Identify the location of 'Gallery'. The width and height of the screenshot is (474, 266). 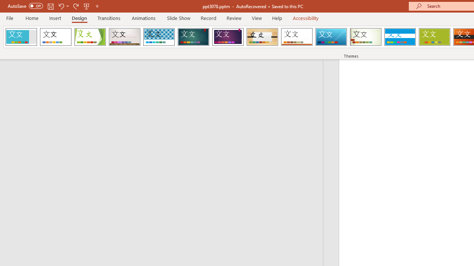
(124, 37).